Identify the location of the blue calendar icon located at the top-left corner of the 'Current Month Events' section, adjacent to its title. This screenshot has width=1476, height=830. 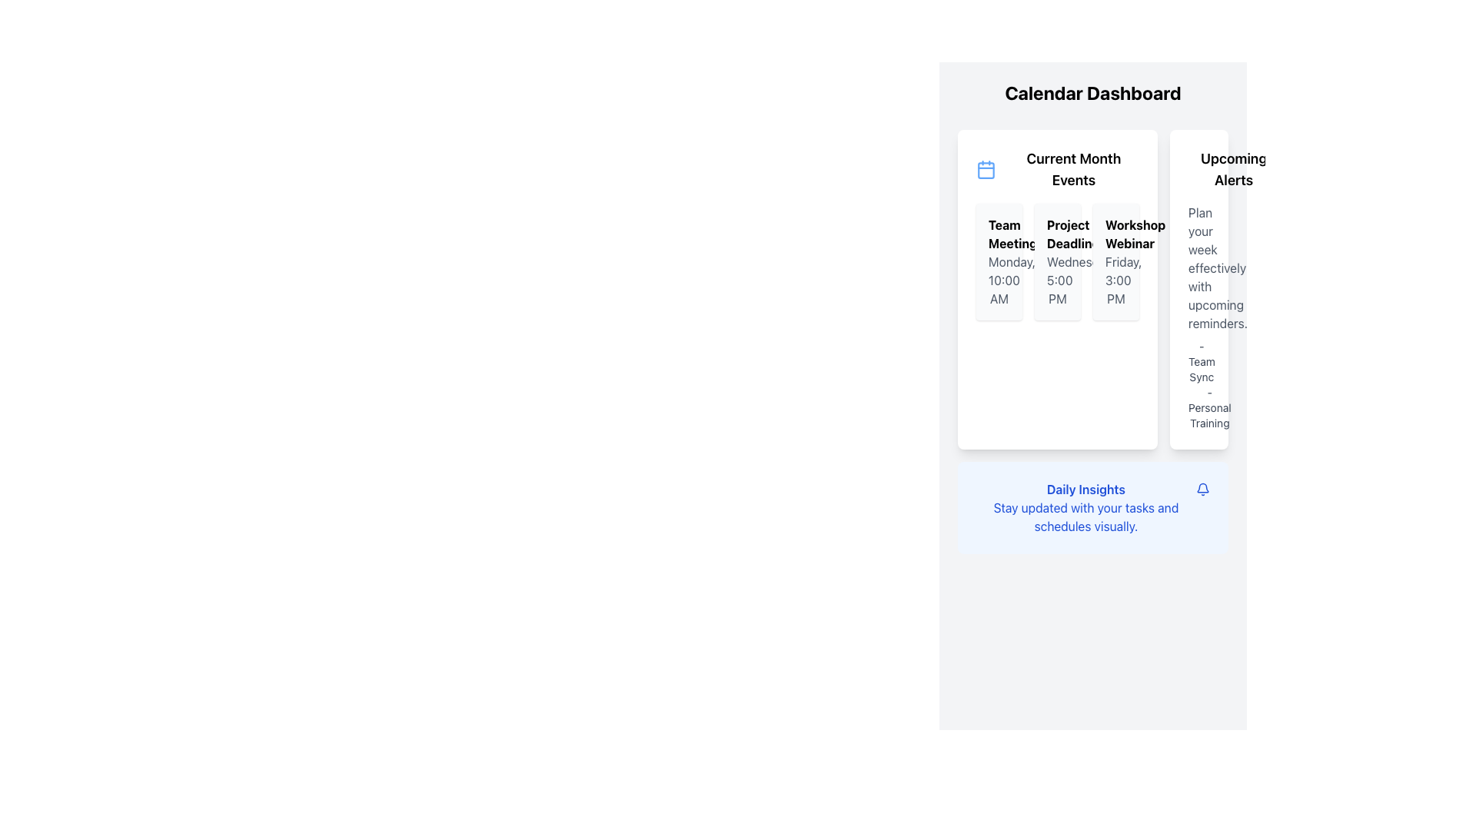
(986, 169).